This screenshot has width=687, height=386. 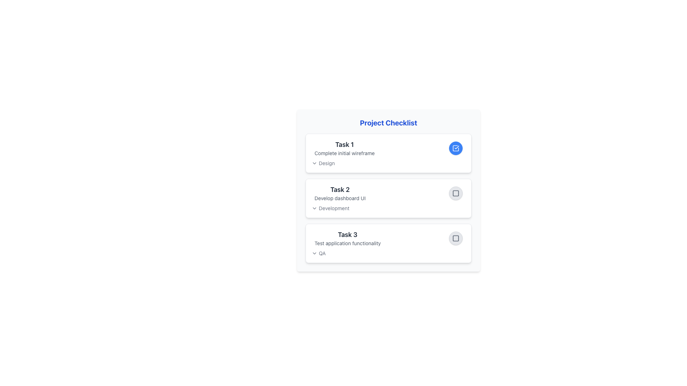 What do you see at coordinates (340, 189) in the screenshot?
I see `text information from the 'Task 2' label in the checklist interface, which identifies the second task in the list` at bounding box center [340, 189].